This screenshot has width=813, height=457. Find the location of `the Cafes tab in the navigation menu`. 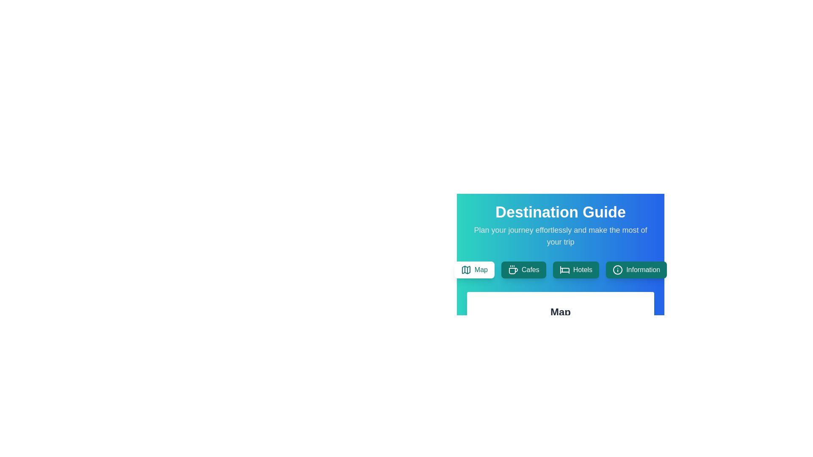

the Cafes tab in the navigation menu is located at coordinates (523, 270).